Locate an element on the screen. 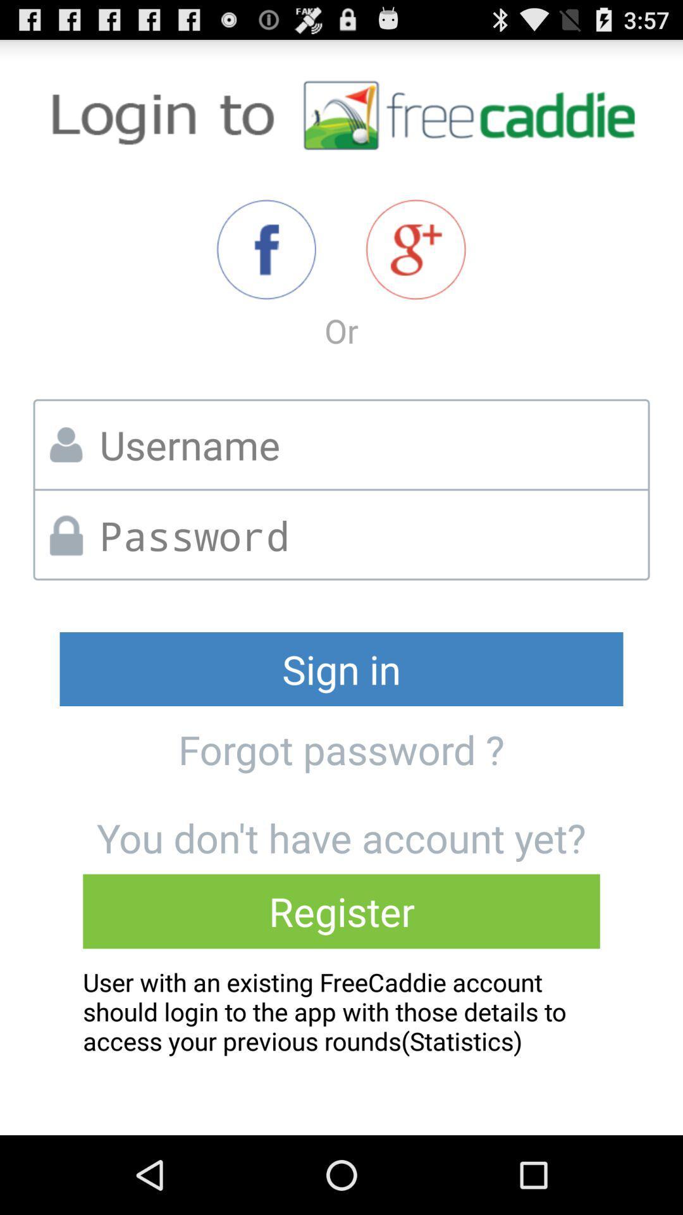 The width and height of the screenshot is (683, 1215). icon below the sign in app is located at coordinates (341, 749).